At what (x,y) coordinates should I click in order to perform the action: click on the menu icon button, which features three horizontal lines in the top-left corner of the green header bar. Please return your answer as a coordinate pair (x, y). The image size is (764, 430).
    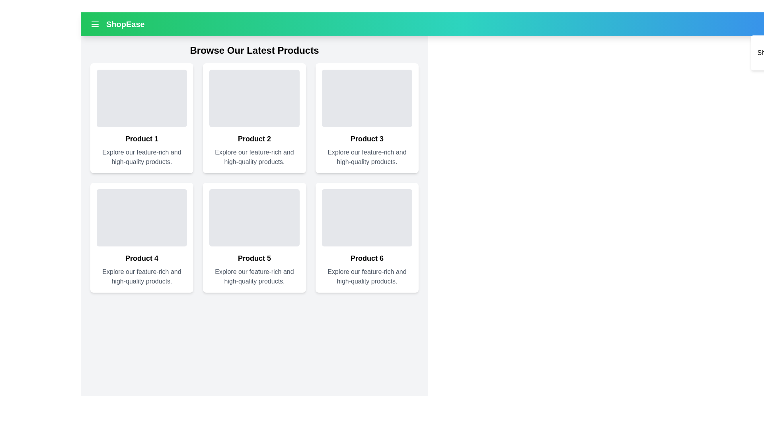
    Looking at the image, I should click on (95, 24).